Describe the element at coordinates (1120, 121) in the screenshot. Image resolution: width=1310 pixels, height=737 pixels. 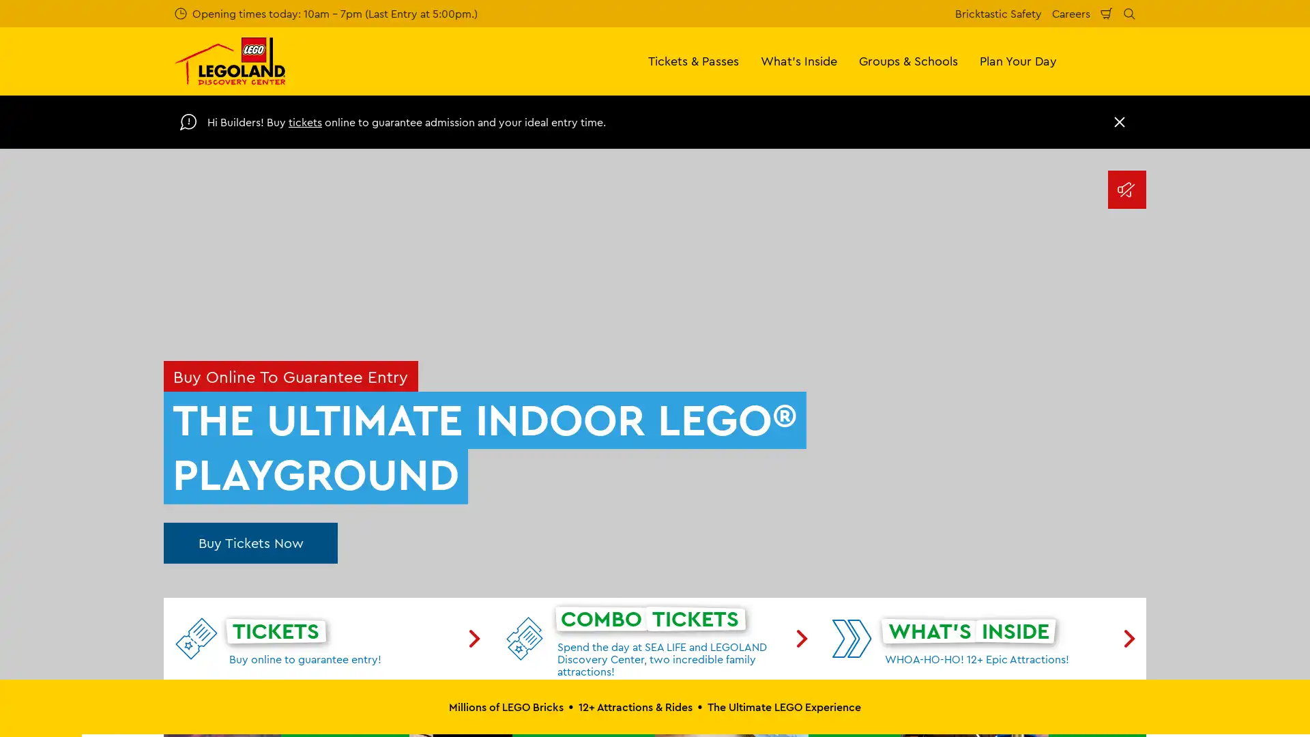
I see `Close` at that location.